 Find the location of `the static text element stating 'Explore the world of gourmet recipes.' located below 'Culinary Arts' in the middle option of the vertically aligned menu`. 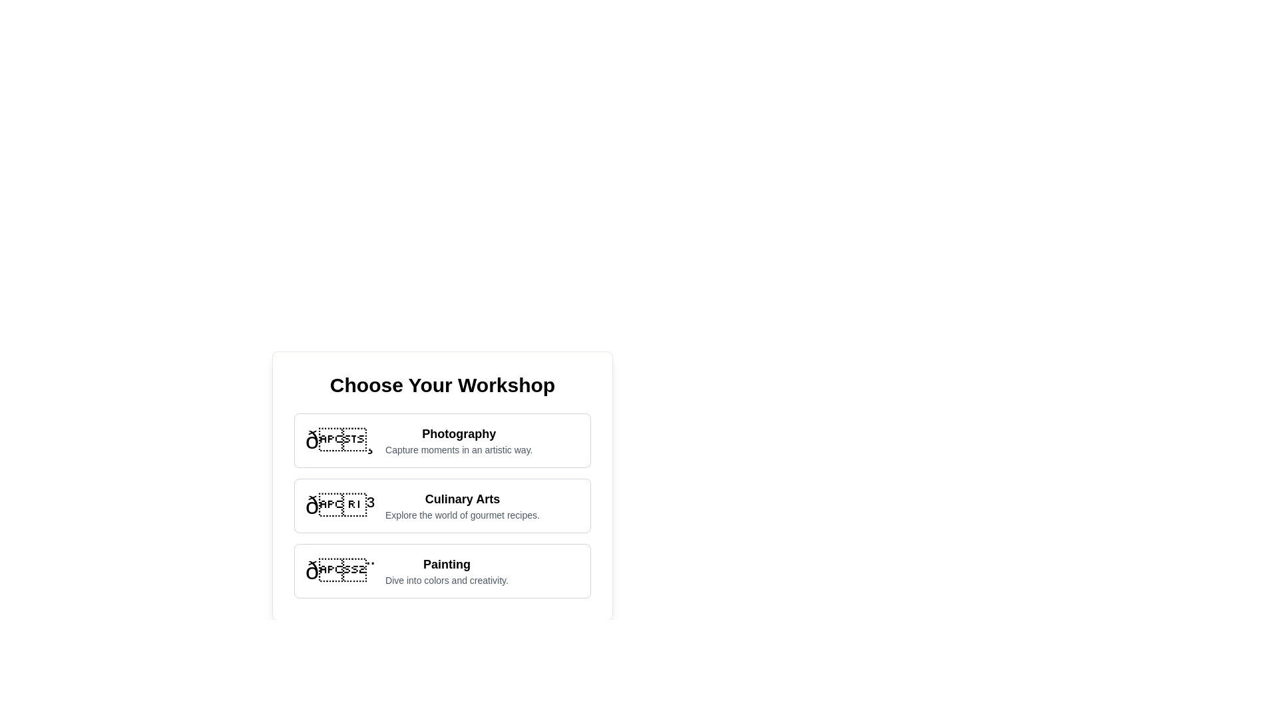

the static text element stating 'Explore the world of gourmet recipes.' located below 'Culinary Arts' in the middle option of the vertically aligned menu is located at coordinates (463, 515).